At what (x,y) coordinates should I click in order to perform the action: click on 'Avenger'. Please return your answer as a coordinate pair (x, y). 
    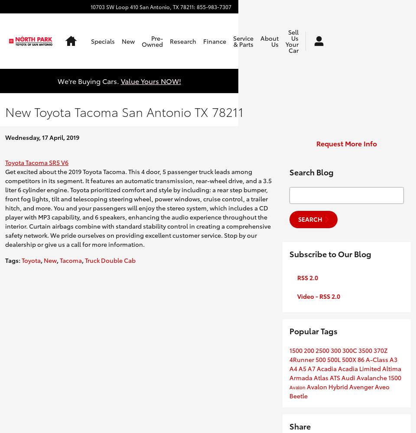
    Looking at the image, I should click on (349, 386).